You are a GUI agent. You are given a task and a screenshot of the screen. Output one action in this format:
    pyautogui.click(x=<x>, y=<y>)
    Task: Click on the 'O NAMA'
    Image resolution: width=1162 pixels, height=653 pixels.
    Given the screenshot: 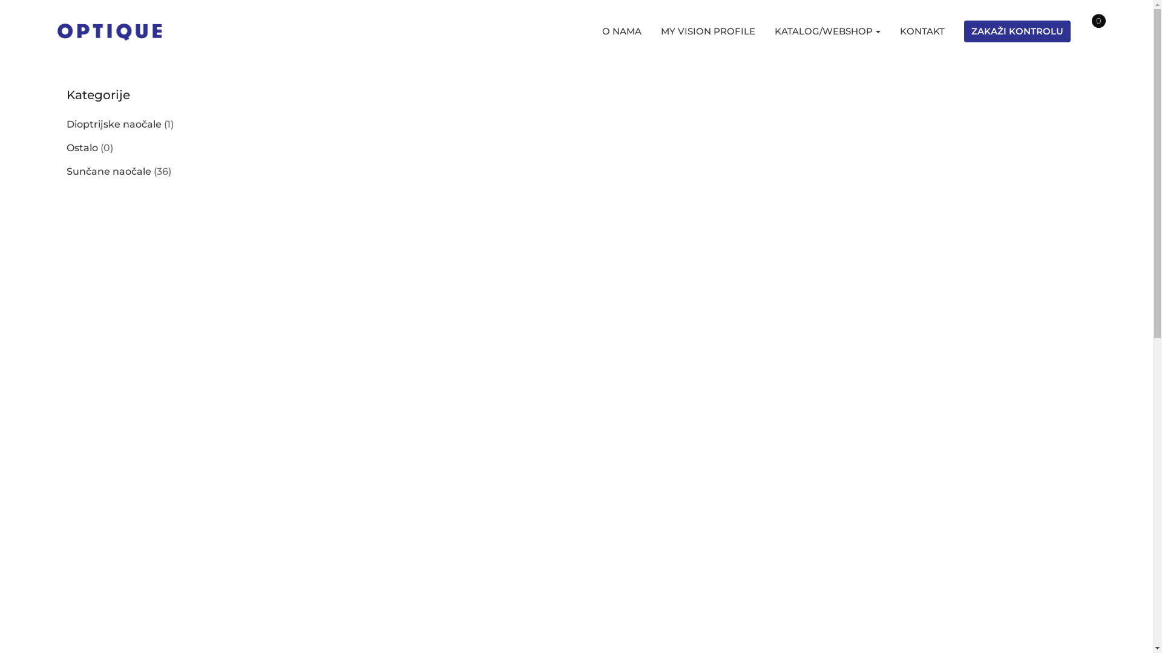 What is the action you would take?
    pyautogui.click(x=602, y=30)
    